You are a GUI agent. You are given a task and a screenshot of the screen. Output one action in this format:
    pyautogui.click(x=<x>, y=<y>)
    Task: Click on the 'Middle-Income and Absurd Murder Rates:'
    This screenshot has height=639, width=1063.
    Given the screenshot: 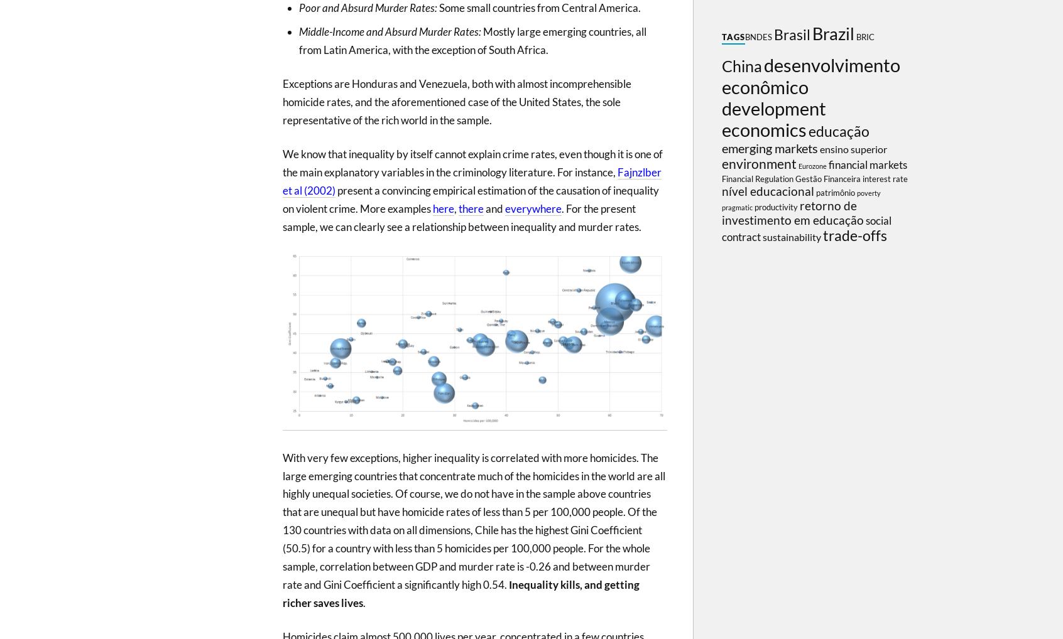 What is the action you would take?
    pyautogui.click(x=388, y=30)
    